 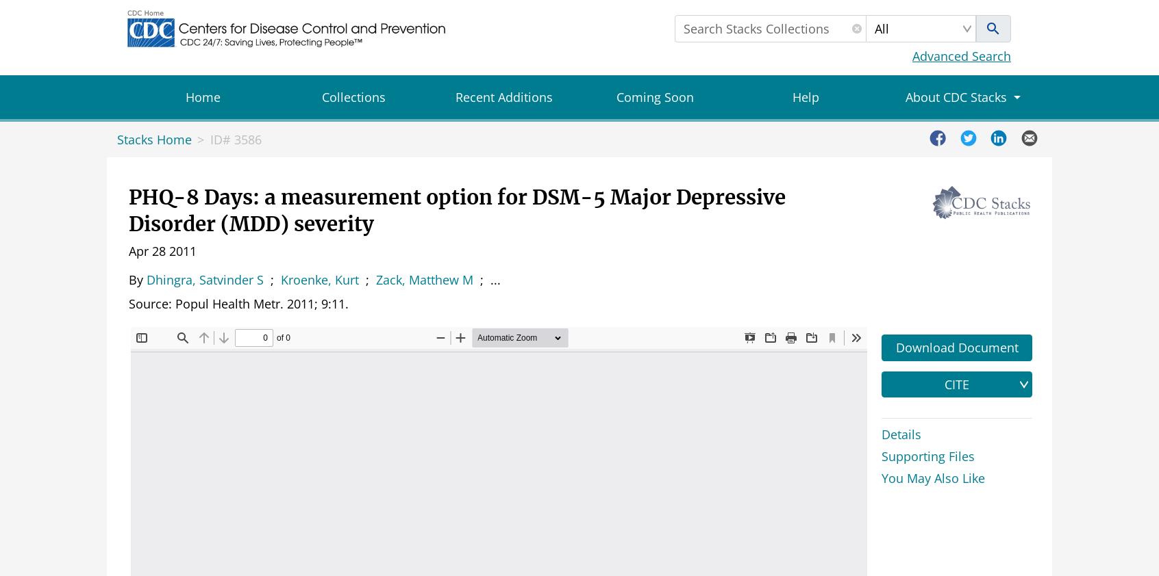 What do you see at coordinates (319, 279) in the screenshot?
I see `'Kroenke, Kurt'` at bounding box center [319, 279].